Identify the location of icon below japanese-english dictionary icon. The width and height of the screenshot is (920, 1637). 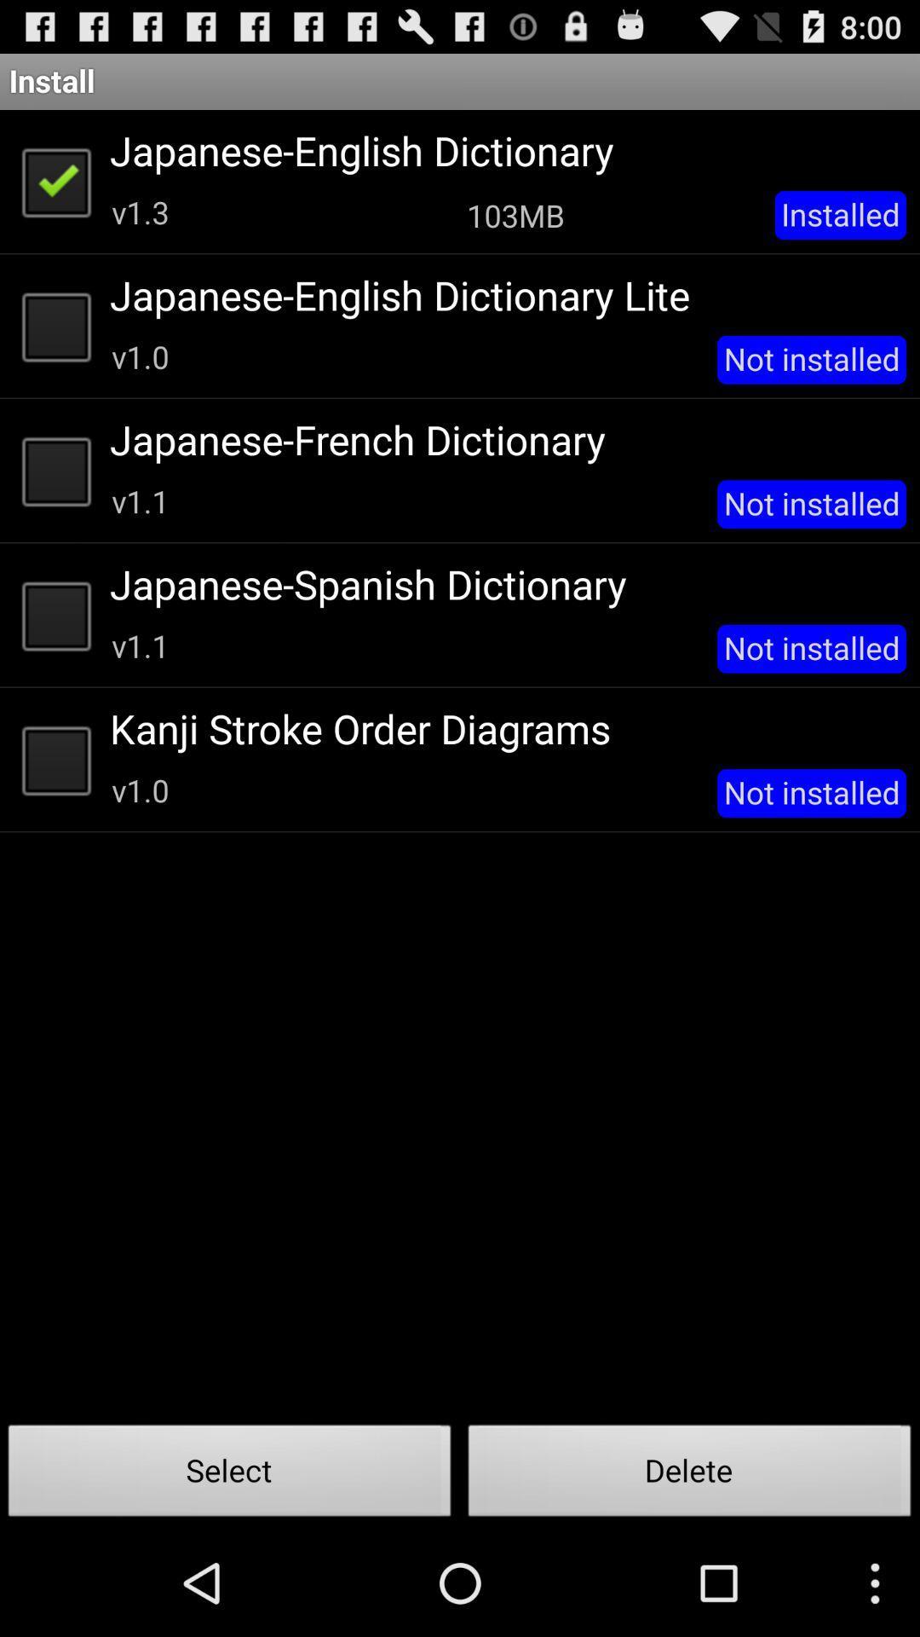
(515, 214).